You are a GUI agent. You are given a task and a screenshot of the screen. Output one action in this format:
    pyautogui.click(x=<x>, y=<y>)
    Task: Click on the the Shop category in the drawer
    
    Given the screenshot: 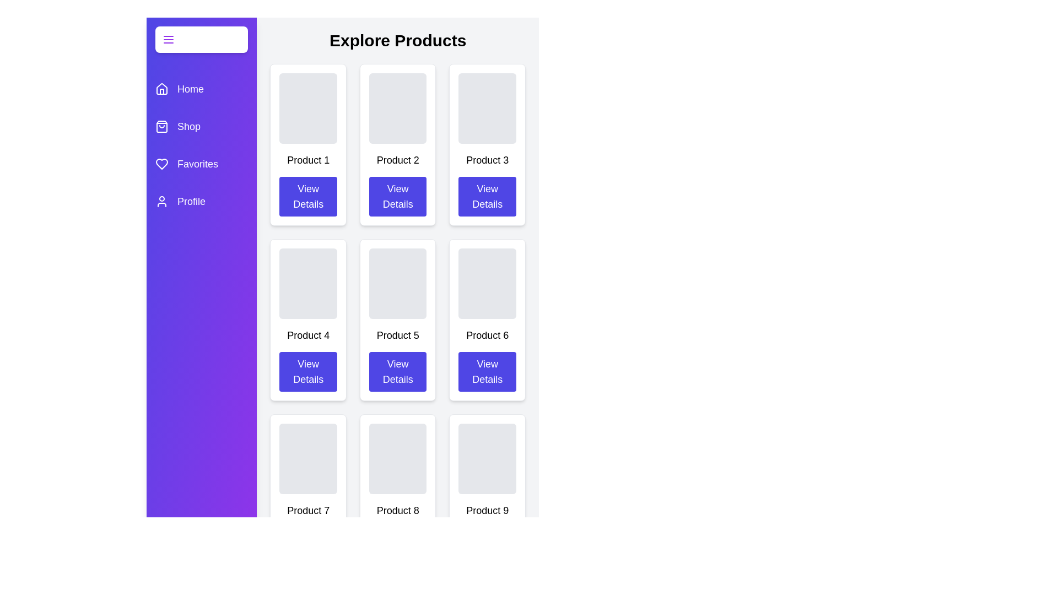 What is the action you would take?
    pyautogui.click(x=201, y=126)
    